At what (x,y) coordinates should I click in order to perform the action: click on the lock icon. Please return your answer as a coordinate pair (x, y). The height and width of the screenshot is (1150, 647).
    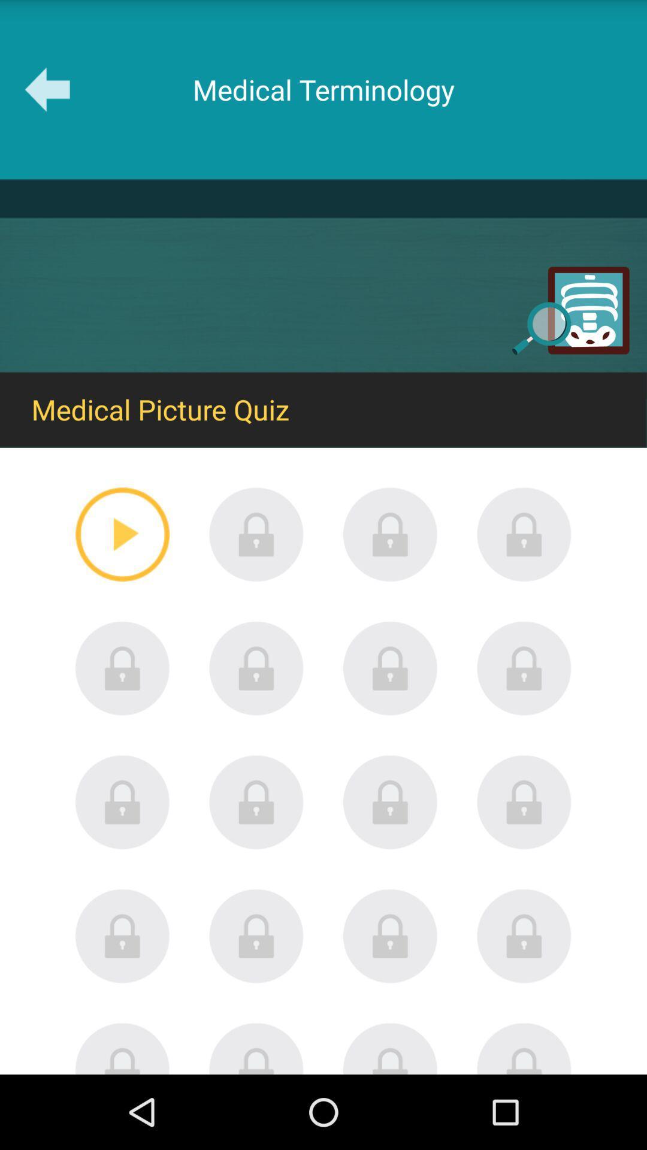
    Looking at the image, I should click on (524, 858).